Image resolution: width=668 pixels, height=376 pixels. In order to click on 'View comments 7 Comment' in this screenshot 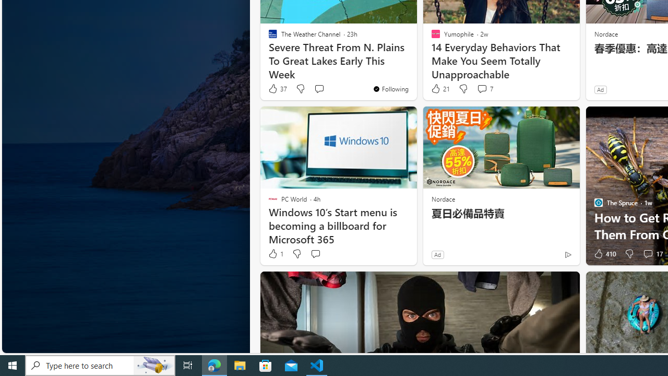, I will do `click(481, 88)`.